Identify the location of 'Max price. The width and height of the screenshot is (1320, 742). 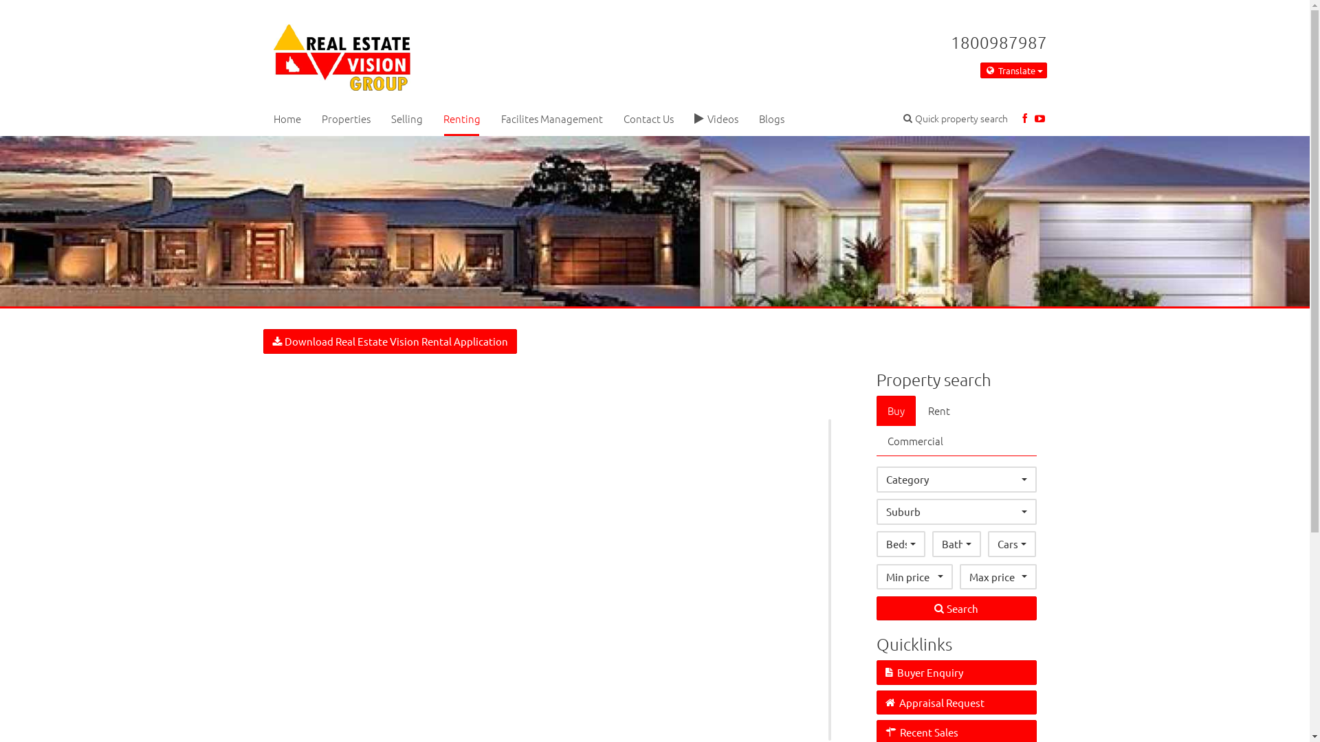
(998, 576).